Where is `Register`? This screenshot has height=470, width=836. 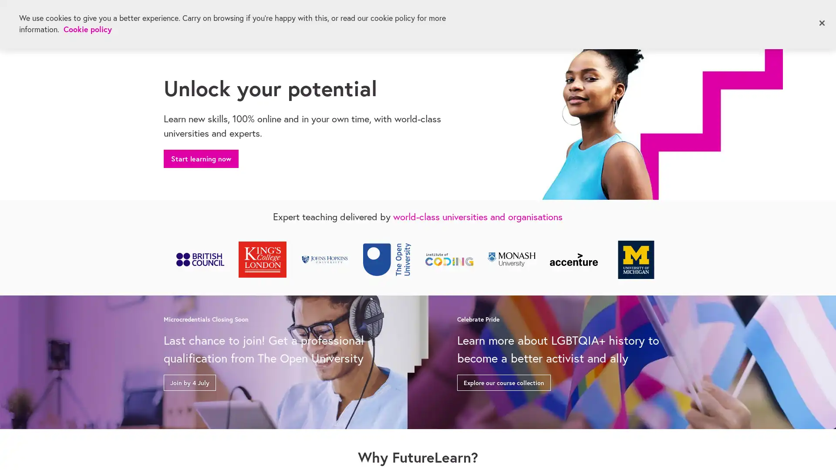 Register is located at coordinates (808, 19).